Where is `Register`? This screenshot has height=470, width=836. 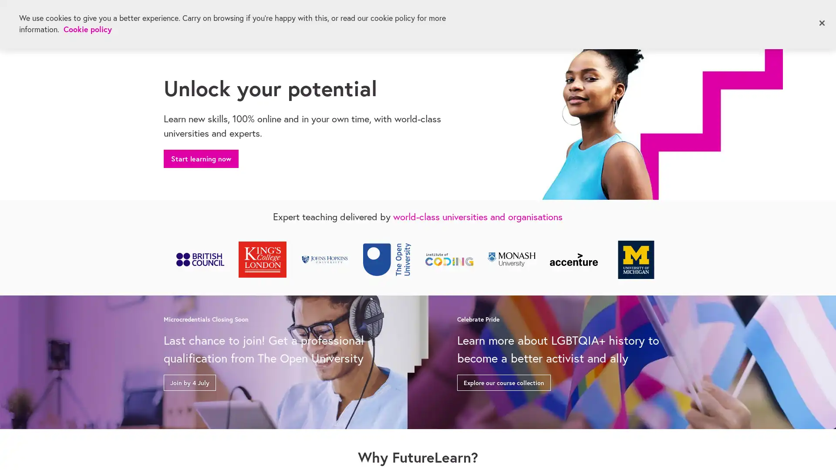 Register is located at coordinates (808, 19).